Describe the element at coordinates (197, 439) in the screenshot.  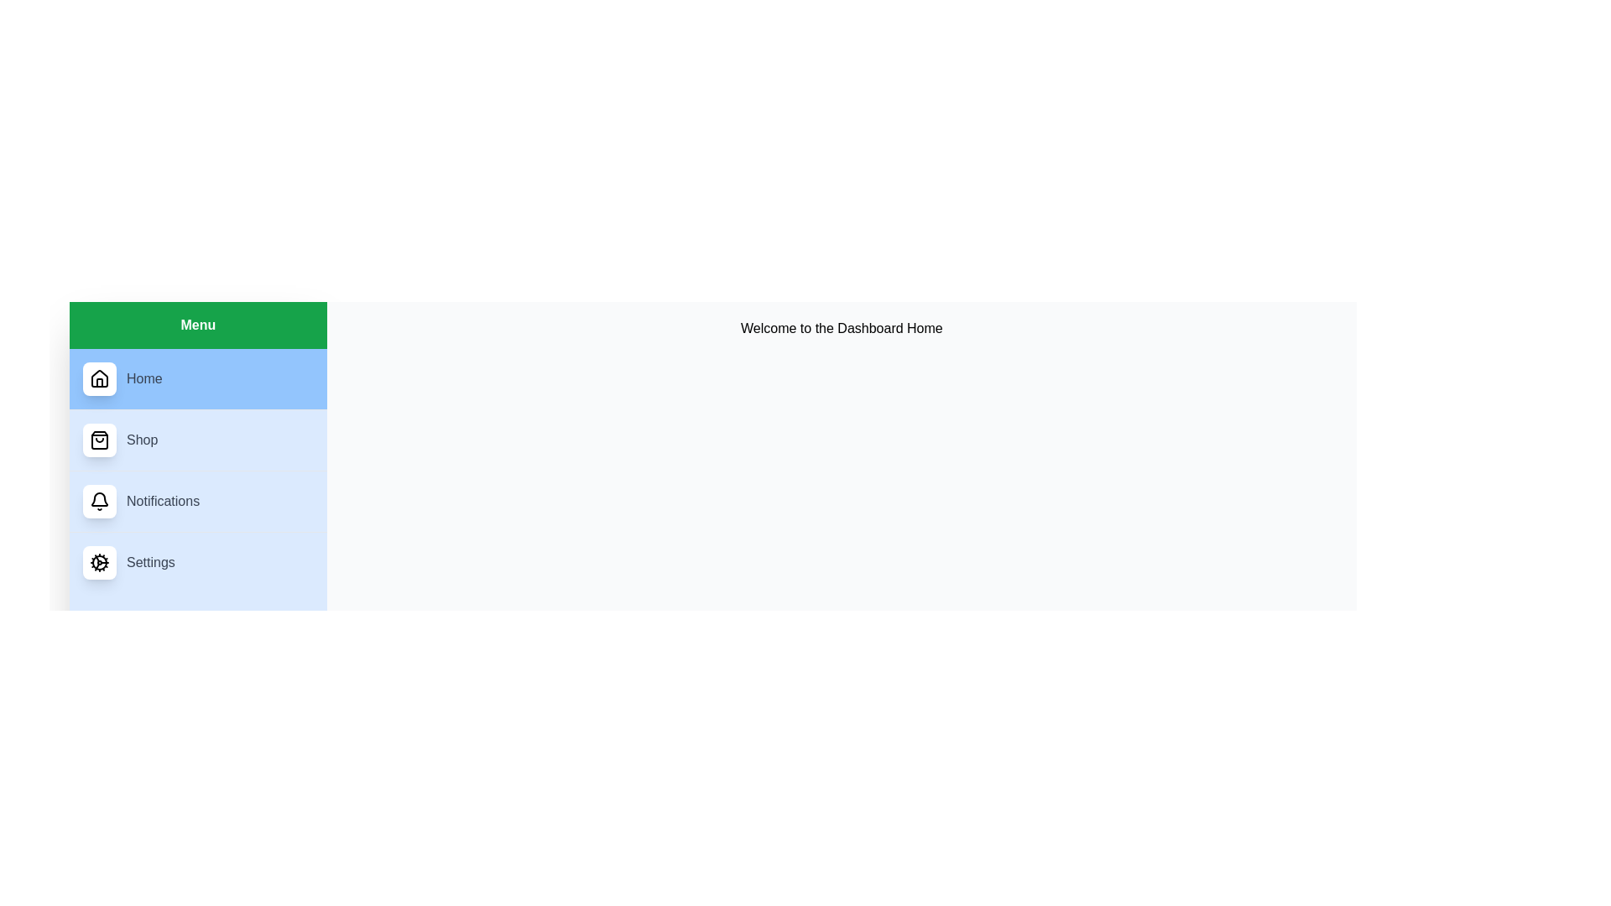
I see `the menu item Shop to observe its hover effect` at that location.